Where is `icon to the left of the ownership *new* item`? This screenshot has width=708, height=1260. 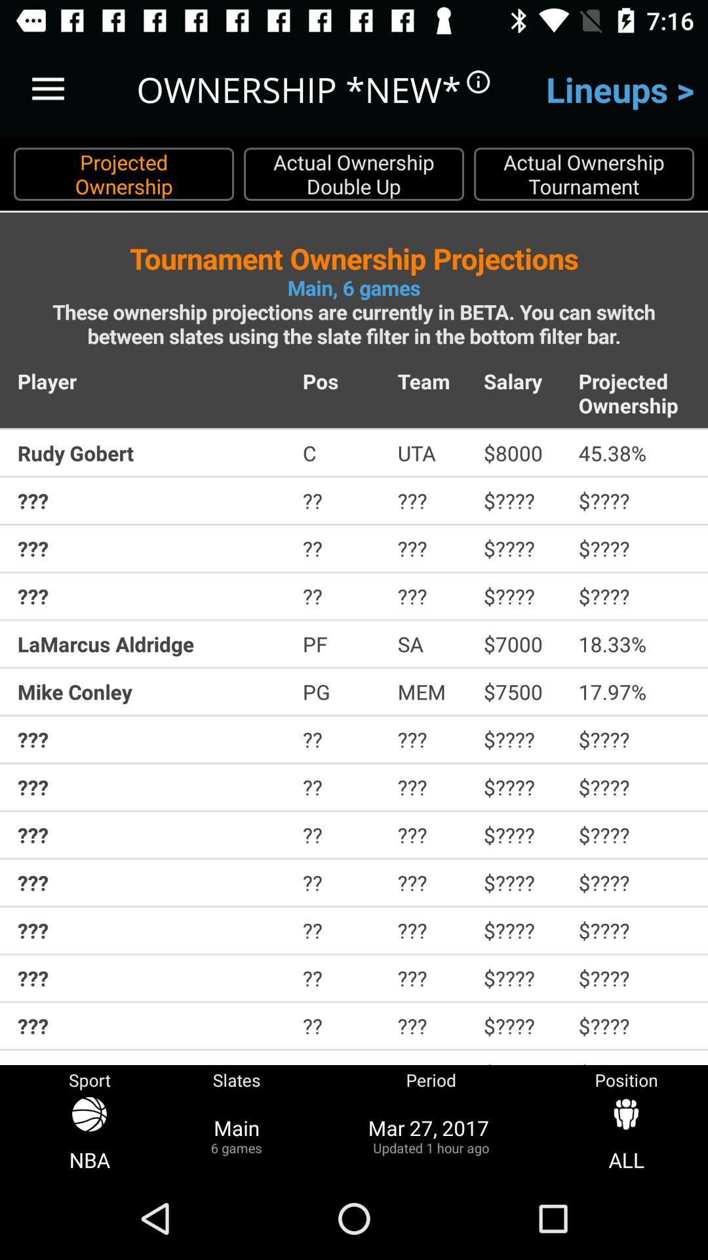
icon to the left of the ownership *new* item is located at coordinates (47, 89).